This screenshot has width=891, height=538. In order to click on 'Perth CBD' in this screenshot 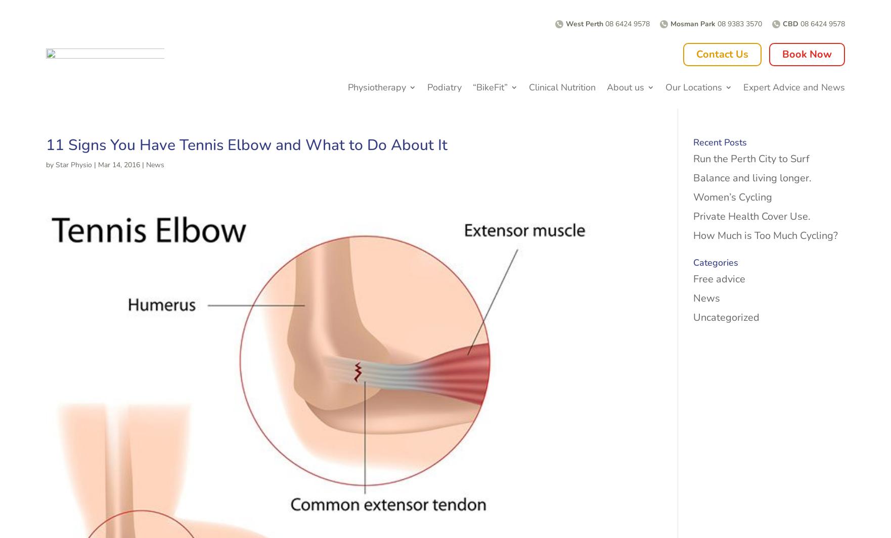, I will do `click(691, 131)`.